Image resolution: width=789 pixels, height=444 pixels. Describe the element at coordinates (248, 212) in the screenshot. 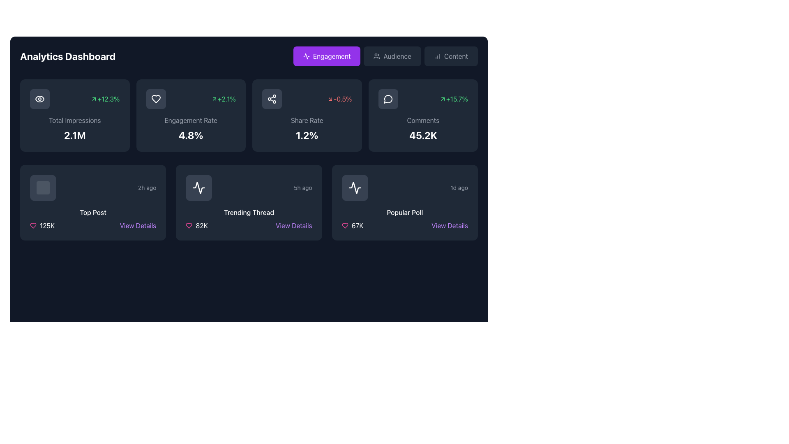

I see `displayed text 'Trending Thread' which is centrally located in the middle card of a three-card layout, above the count indicator '82K'` at that location.